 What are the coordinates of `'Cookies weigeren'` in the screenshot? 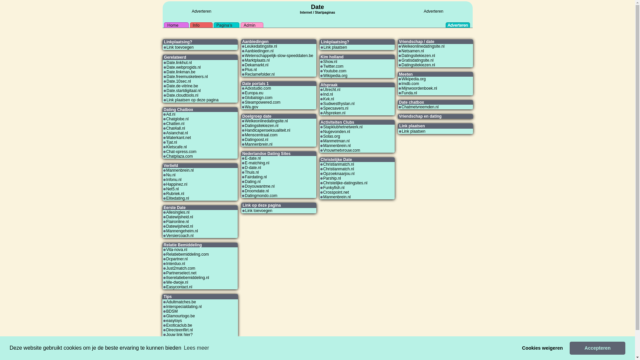 It's located at (517, 348).